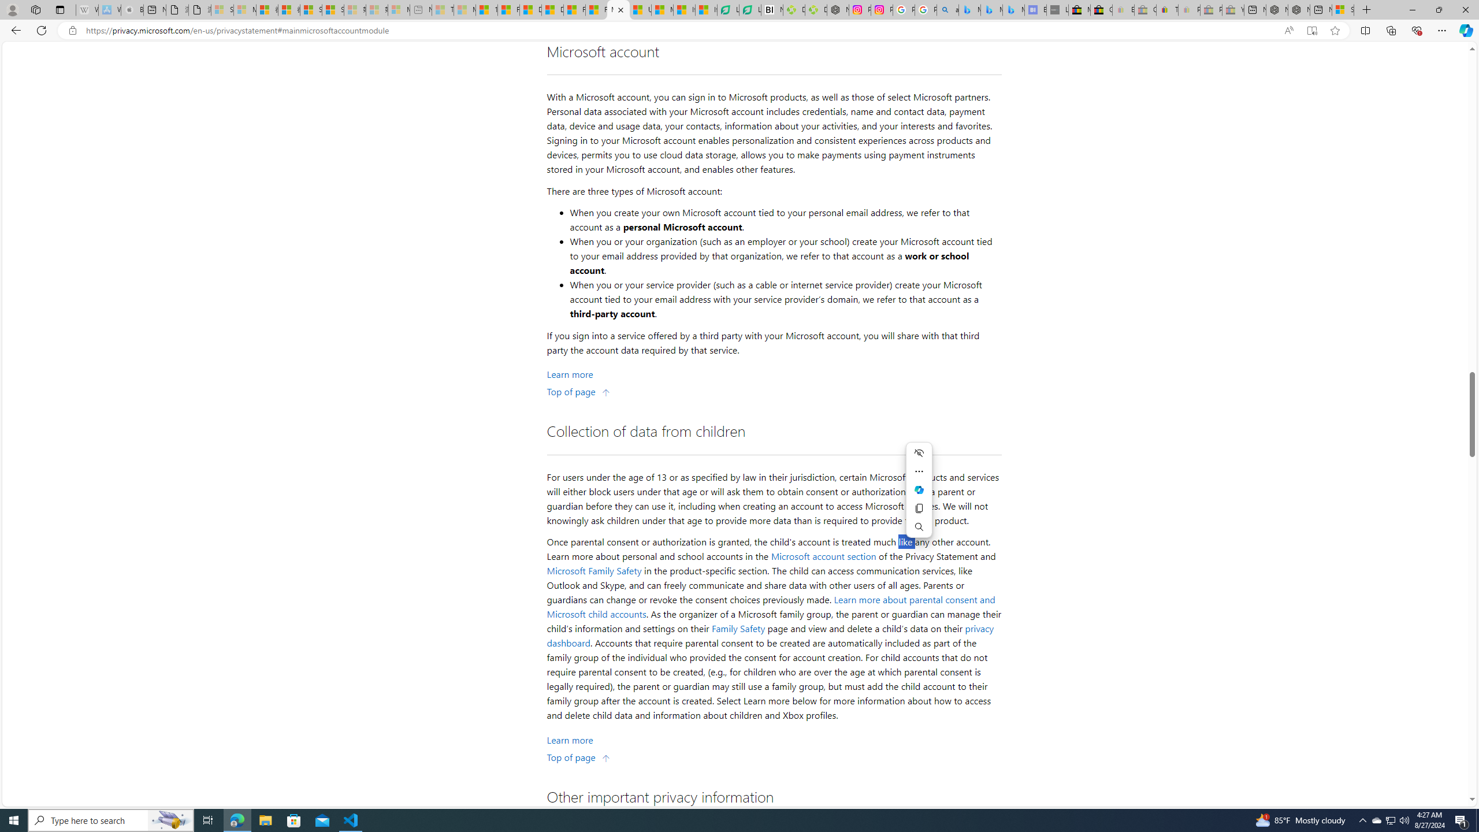  What do you see at coordinates (738, 628) in the screenshot?
I see `'Family Safety'` at bounding box center [738, 628].